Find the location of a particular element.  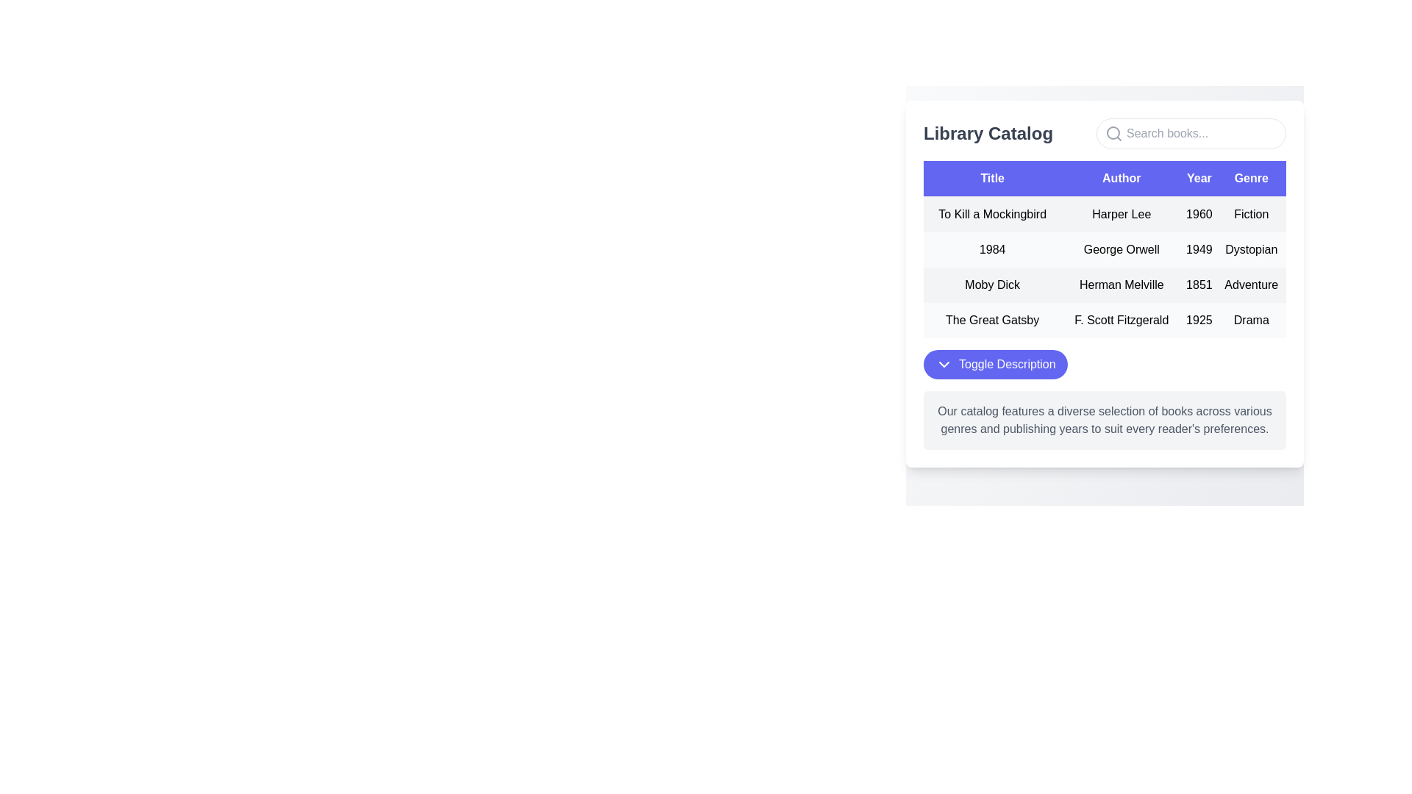

the 'Genre' column header in the table to potentially sort the items listed below by genre is located at coordinates (1250, 178).